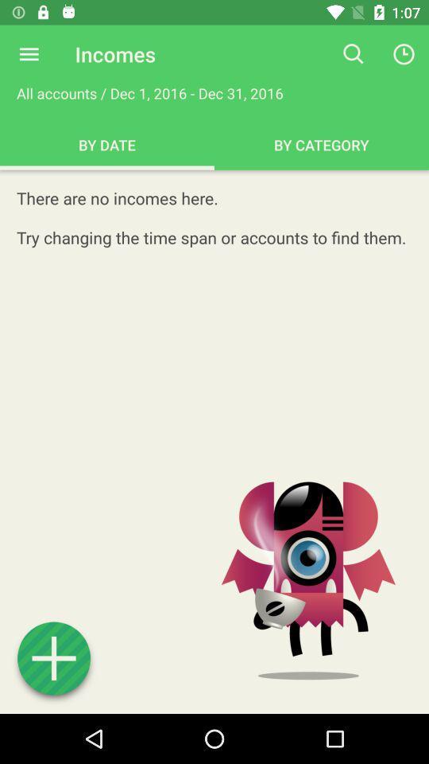  What do you see at coordinates (29, 54) in the screenshot?
I see `open menu` at bounding box center [29, 54].